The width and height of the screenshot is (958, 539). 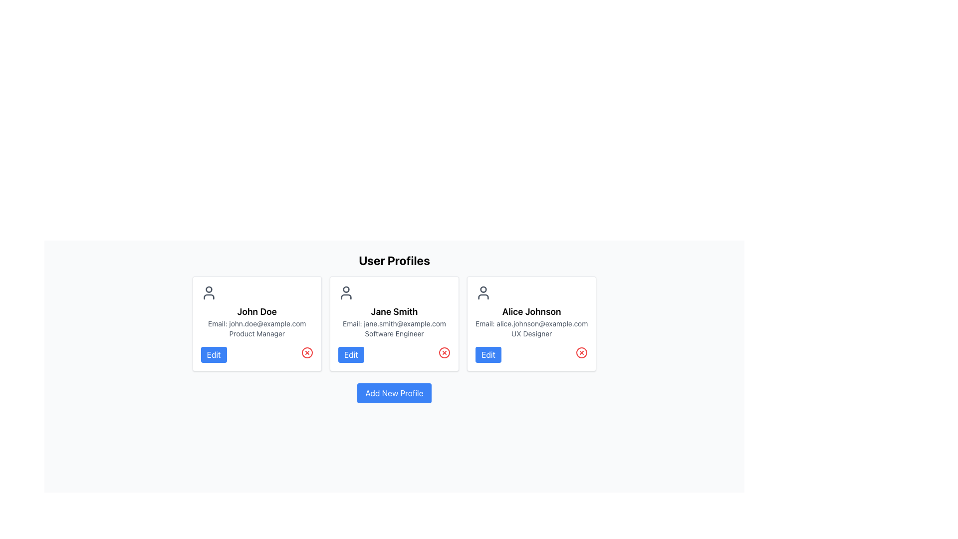 What do you see at coordinates (483, 296) in the screenshot?
I see `the lower part of the user icon for 'Alice Johnson', which is styled as a curved line forming the shoulders of the silhouette in grayscale` at bounding box center [483, 296].